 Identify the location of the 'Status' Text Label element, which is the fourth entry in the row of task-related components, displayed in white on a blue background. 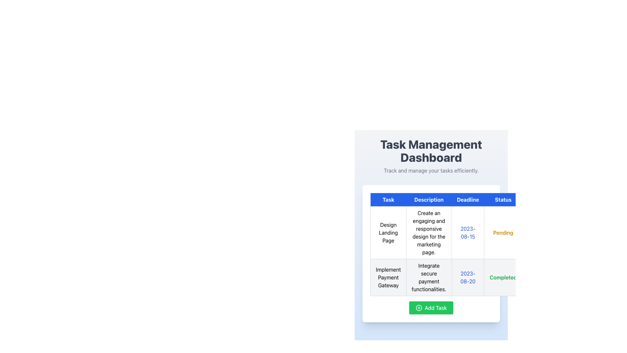
(503, 199).